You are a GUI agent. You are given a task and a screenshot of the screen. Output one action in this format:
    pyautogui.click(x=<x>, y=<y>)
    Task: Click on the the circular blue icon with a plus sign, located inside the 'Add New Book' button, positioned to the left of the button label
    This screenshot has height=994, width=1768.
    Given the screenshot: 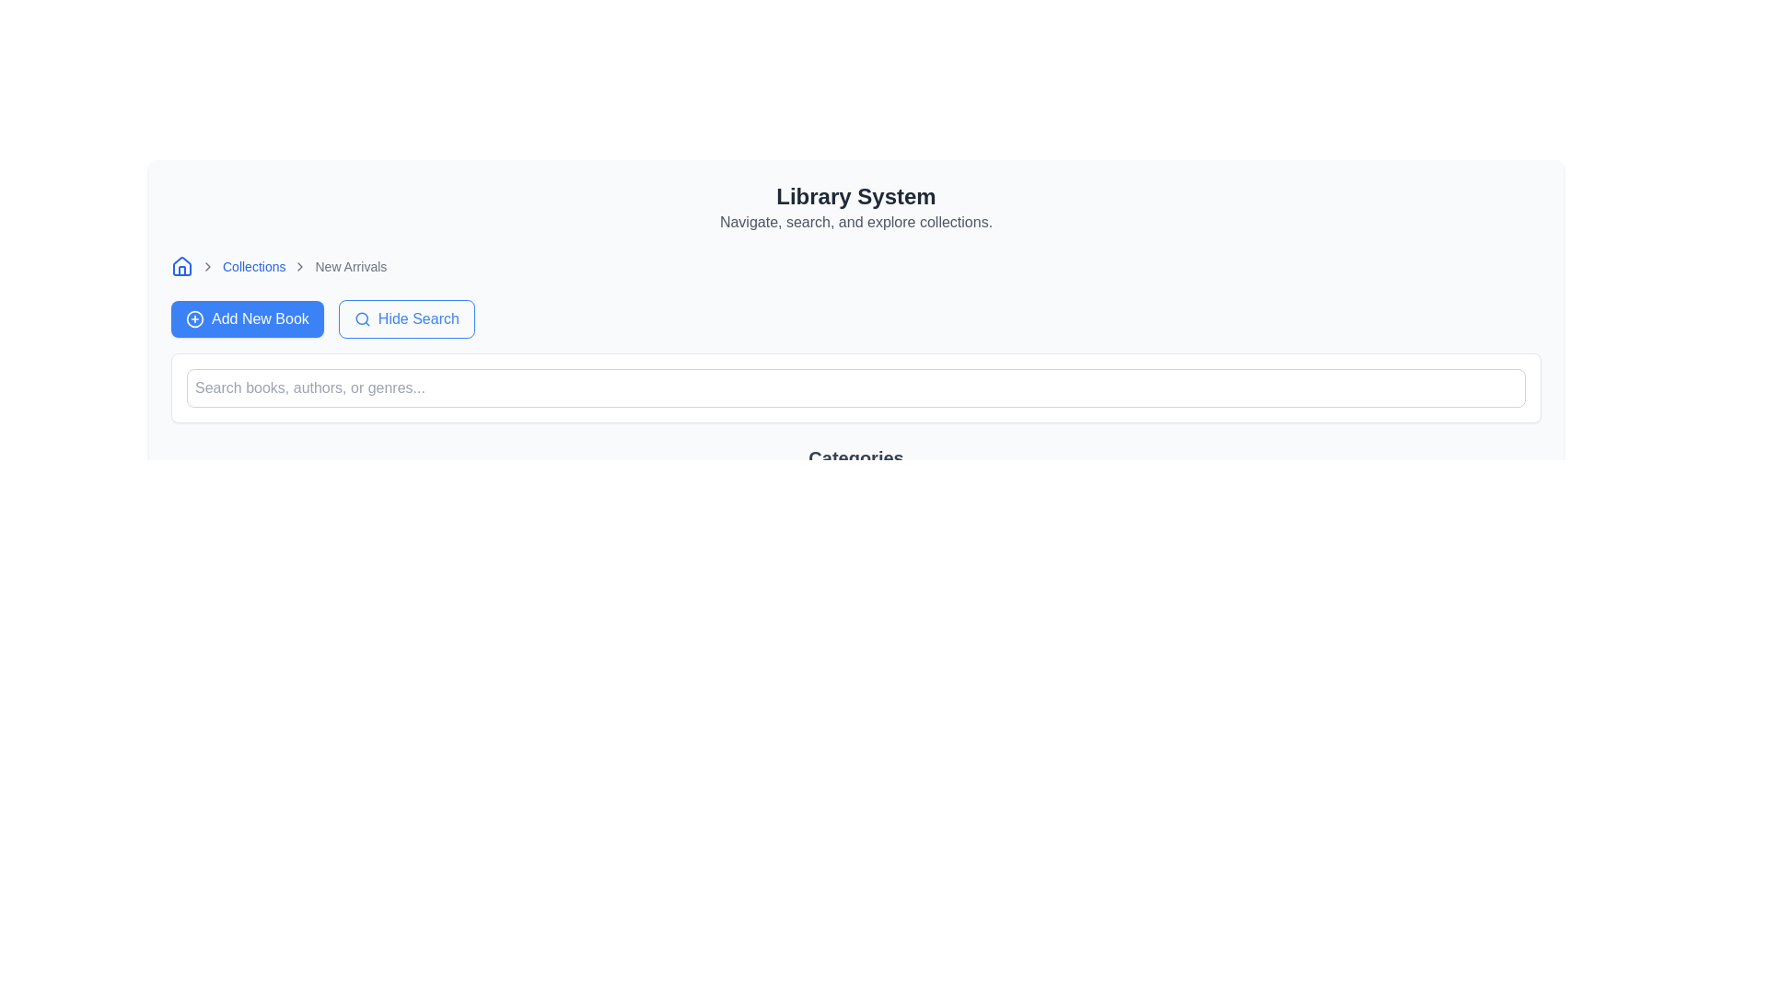 What is the action you would take?
    pyautogui.click(x=194, y=318)
    